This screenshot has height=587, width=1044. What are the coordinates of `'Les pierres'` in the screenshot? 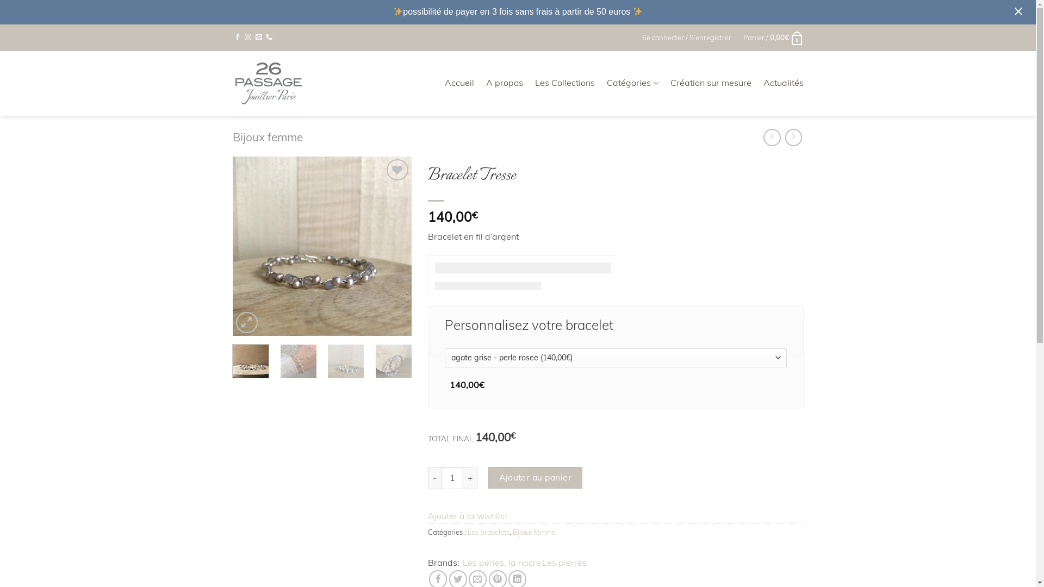 It's located at (542, 563).